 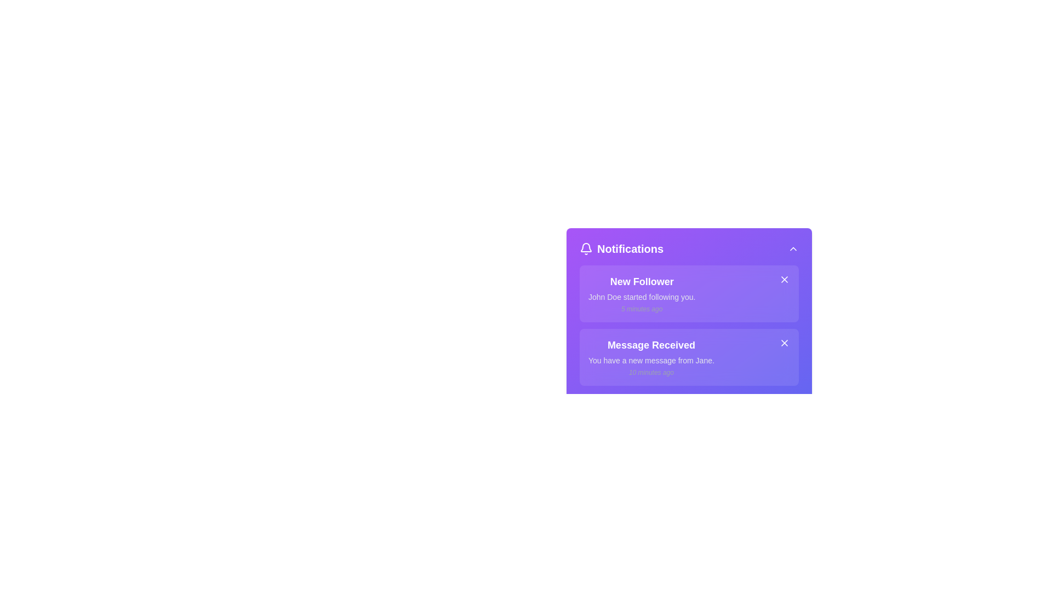 What do you see at coordinates (784, 343) in the screenshot?
I see `the small 'X' button at the top-right corner of the 'Message Received' notification card` at bounding box center [784, 343].